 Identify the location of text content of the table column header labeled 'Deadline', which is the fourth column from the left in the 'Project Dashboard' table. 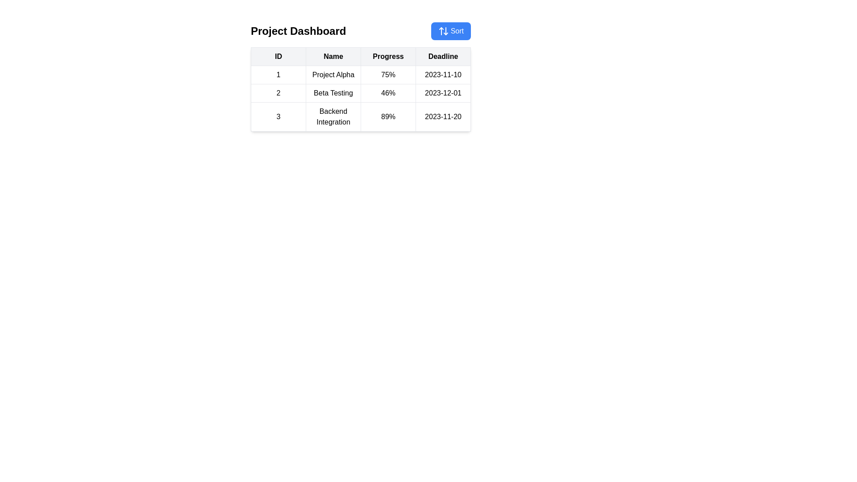
(443, 57).